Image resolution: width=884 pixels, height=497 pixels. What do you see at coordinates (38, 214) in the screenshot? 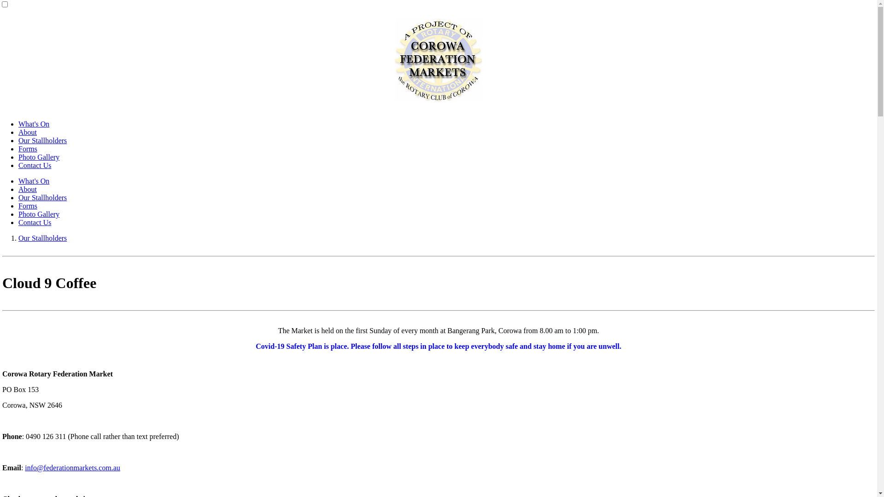
I see `'Photo Gallery'` at bounding box center [38, 214].